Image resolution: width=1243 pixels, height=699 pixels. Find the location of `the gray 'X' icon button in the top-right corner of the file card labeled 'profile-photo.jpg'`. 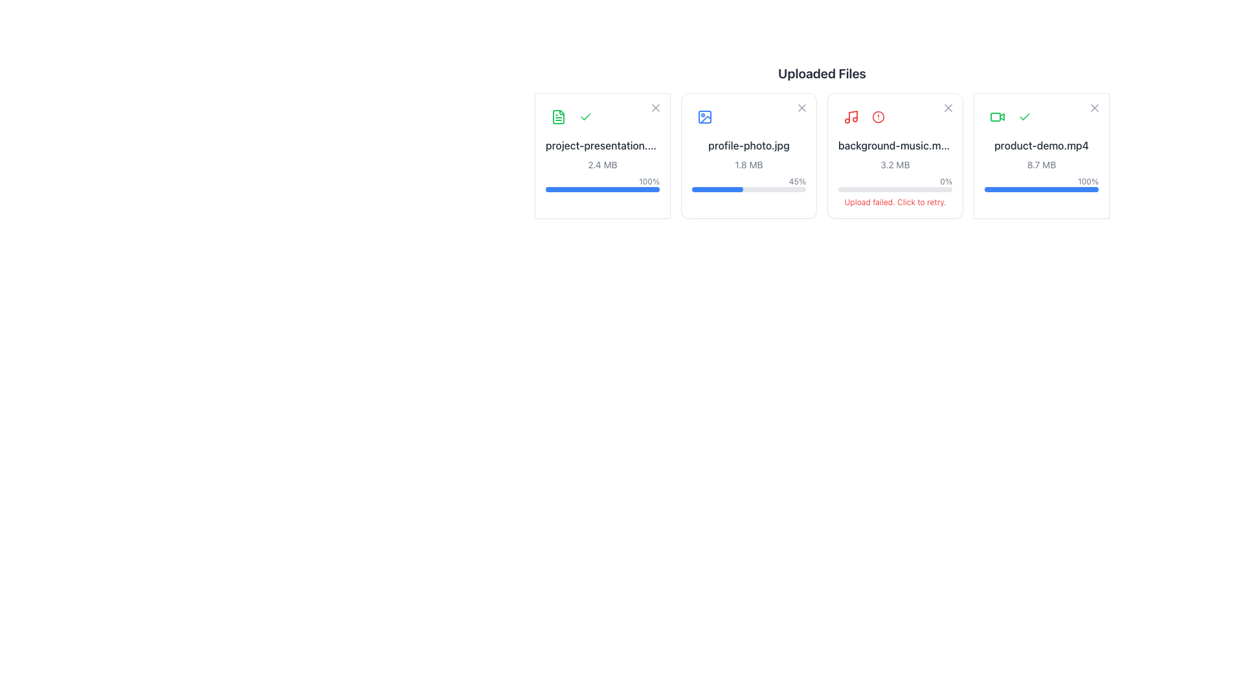

the gray 'X' icon button in the top-right corner of the file card labeled 'profile-photo.jpg' is located at coordinates (801, 107).